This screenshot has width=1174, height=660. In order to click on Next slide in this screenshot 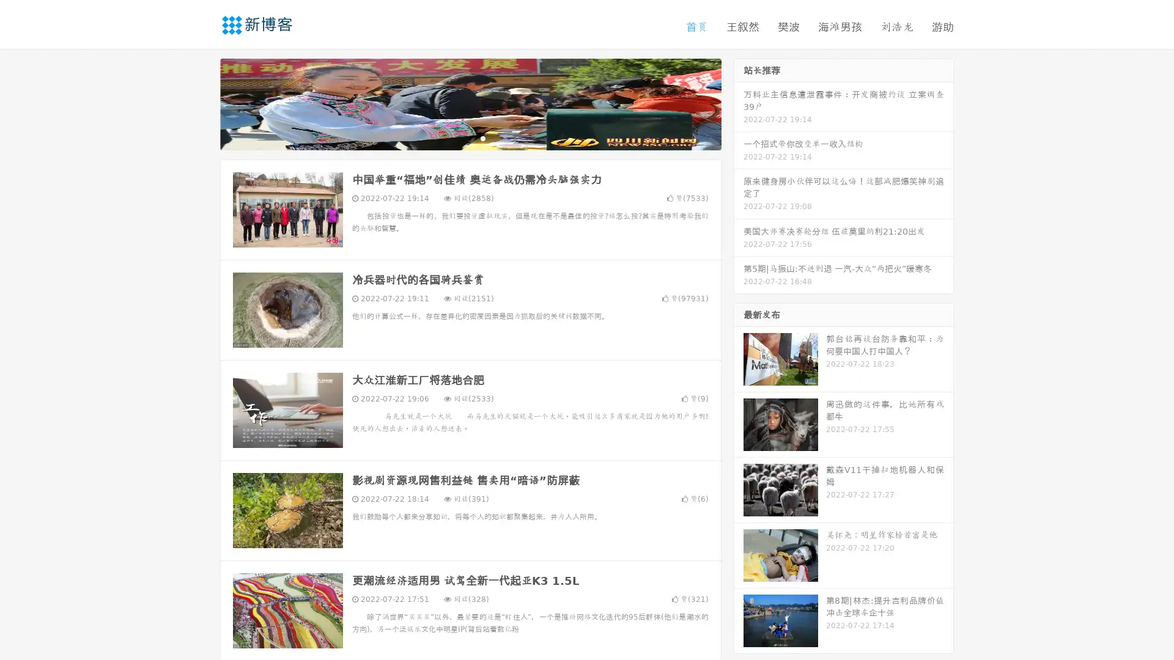, I will do `click(739, 103)`.